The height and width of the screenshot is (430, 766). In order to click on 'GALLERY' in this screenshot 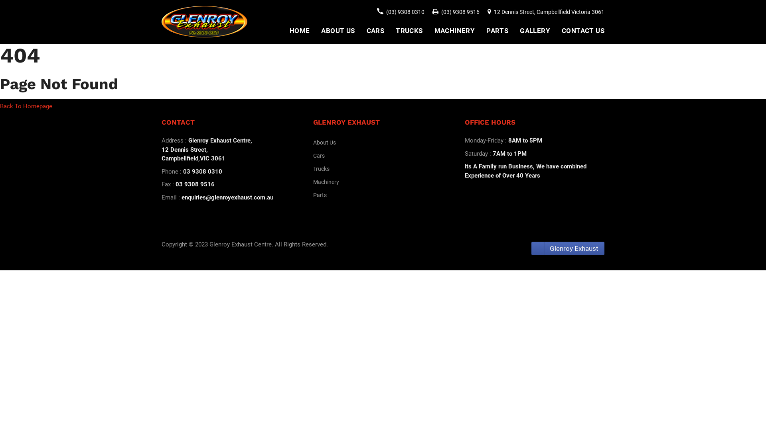, I will do `click(535, 30)`.